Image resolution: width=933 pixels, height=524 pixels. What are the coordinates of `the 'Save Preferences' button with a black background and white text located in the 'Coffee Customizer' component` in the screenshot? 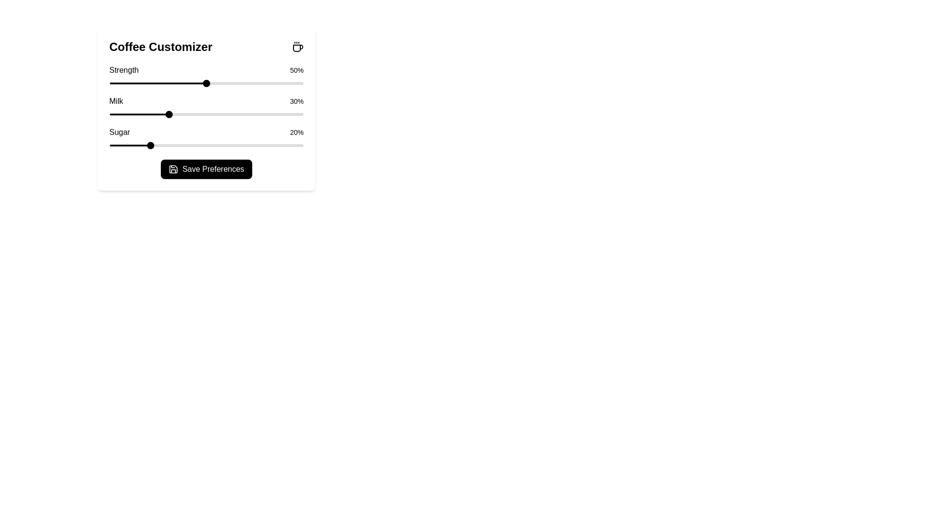 It's located at (206, 168).